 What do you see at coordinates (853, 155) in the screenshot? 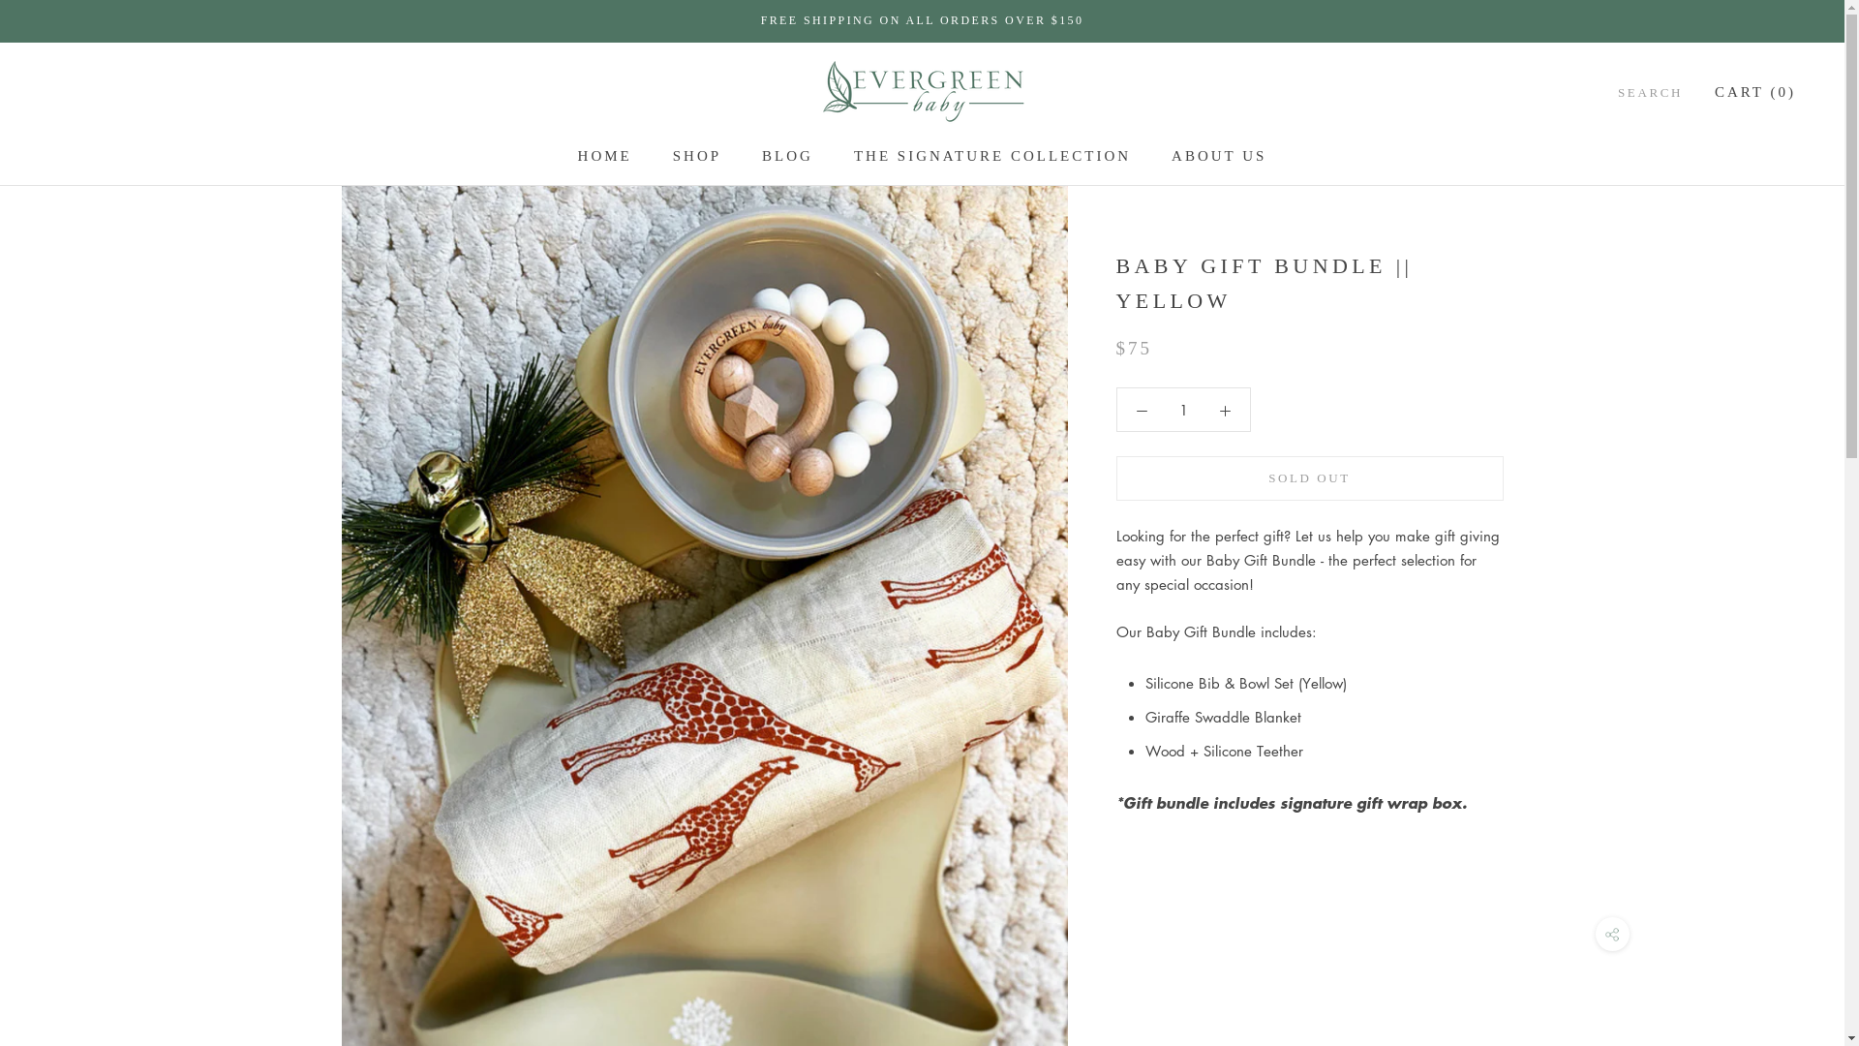
I see `'THE SIGNATURE COLLECTION` at bounding box center [853, 155].